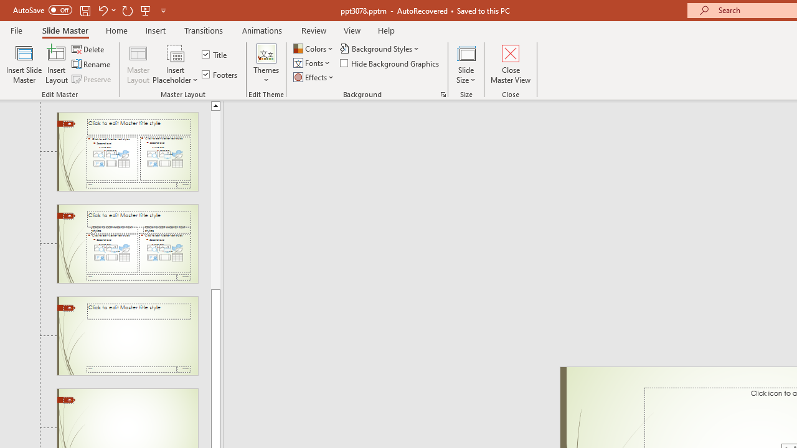 Image resolution: width=797 pixels, height=448 pixels. What do you see at coordinates (314, 48) in the screenshot?
I see `'Colors'` at bounding box center [314, 48].